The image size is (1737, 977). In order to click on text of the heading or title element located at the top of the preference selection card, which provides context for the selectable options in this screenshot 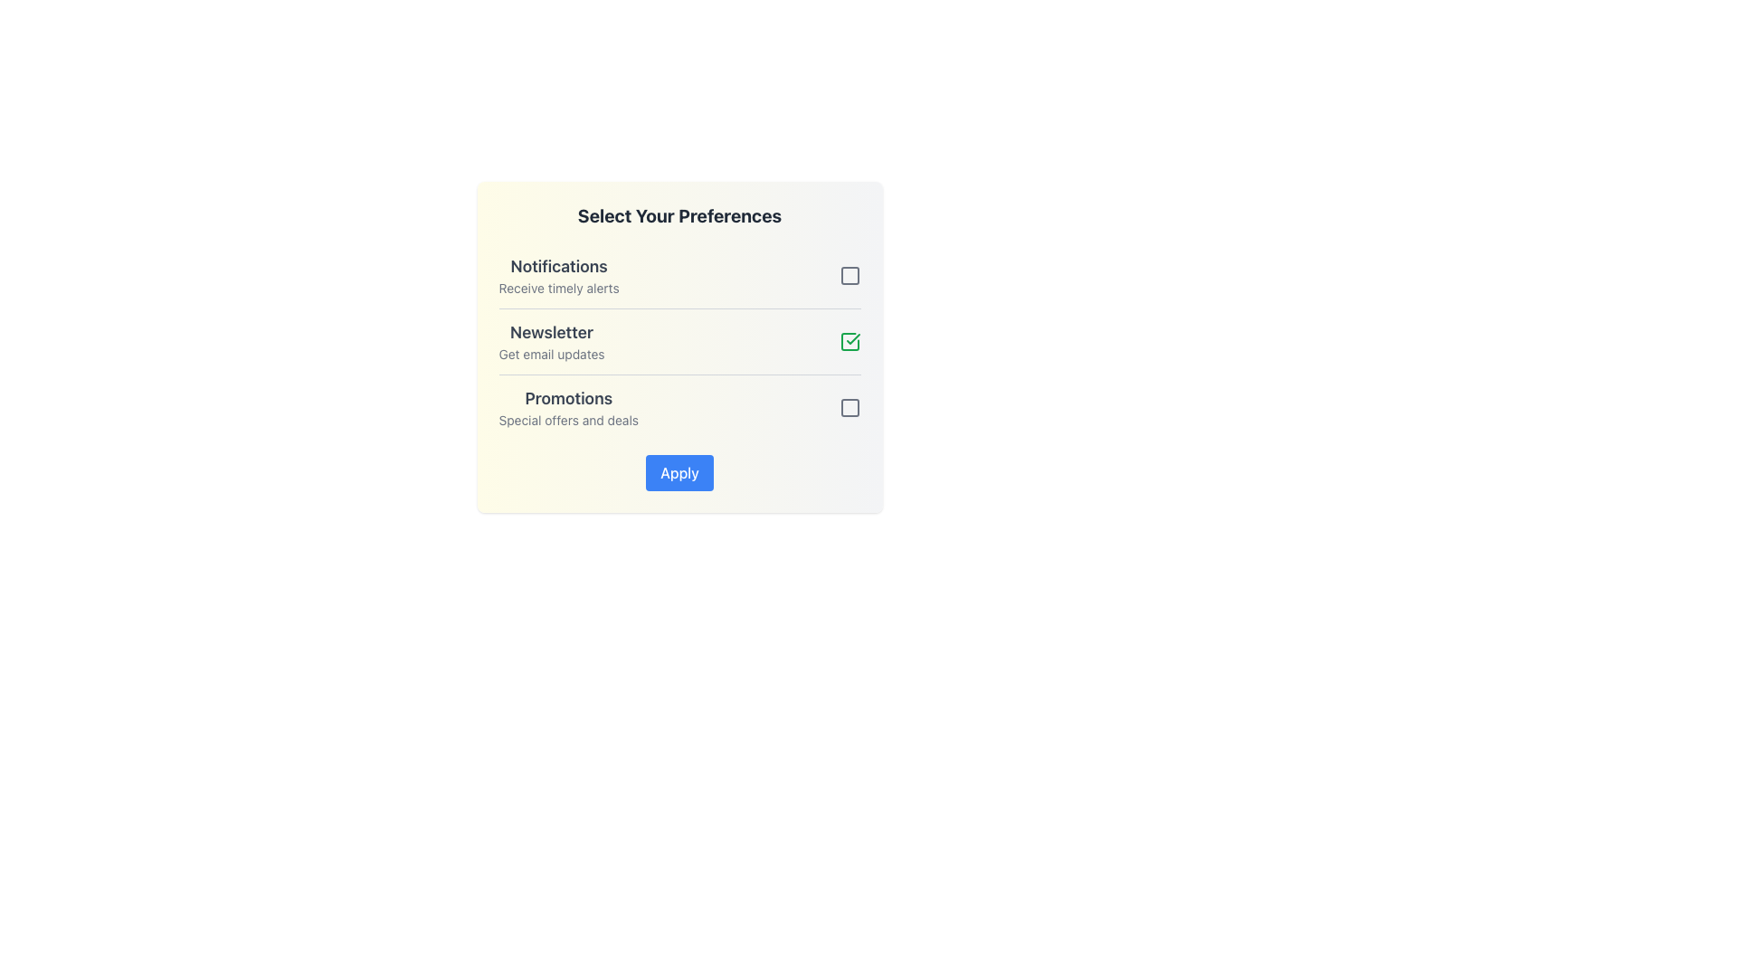, I will do `click(679, 215)`.